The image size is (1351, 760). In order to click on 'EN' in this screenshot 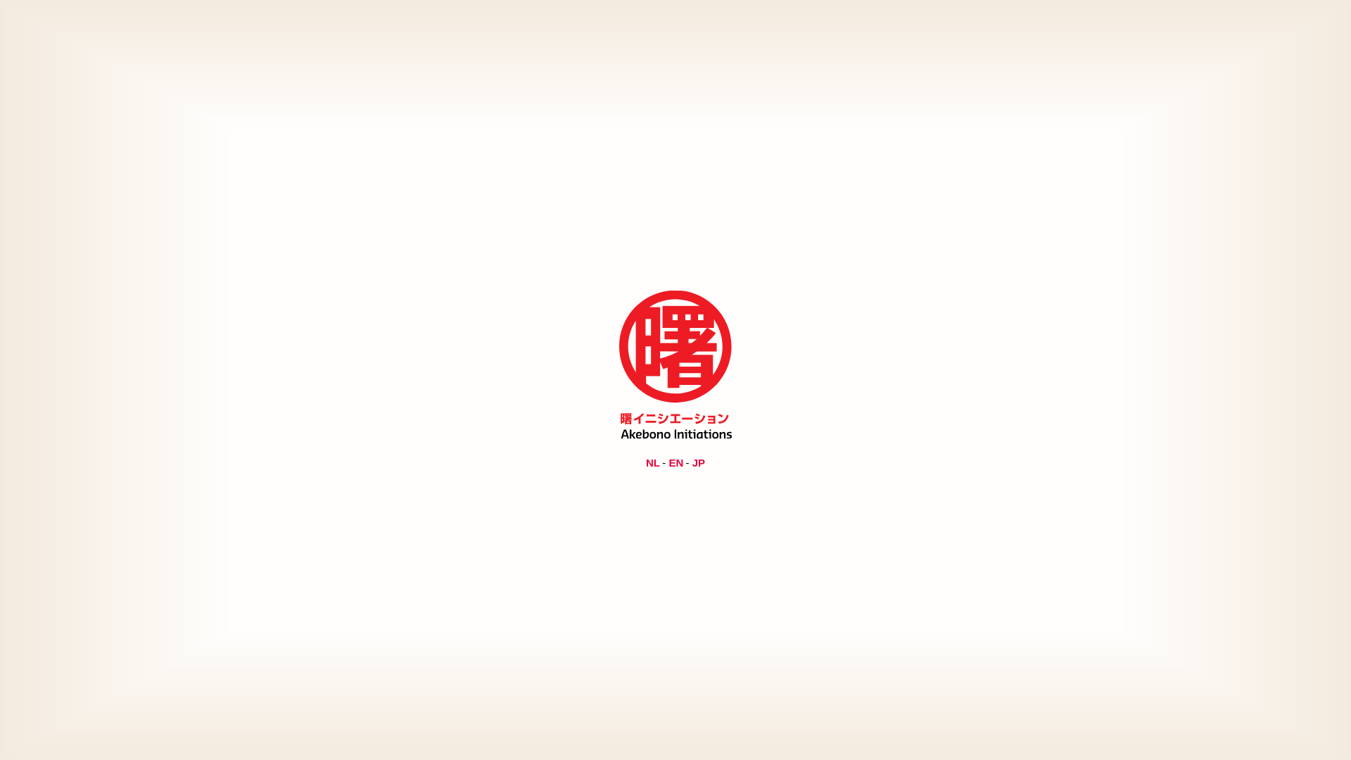, I will do `click(675, 462)`.